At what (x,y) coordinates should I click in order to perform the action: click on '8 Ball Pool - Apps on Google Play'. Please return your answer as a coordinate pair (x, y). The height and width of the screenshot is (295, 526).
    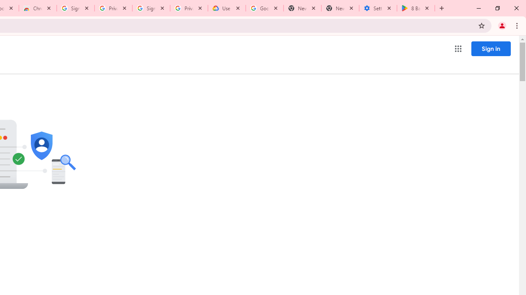
    Looking at the image, I should click on (416, 8).